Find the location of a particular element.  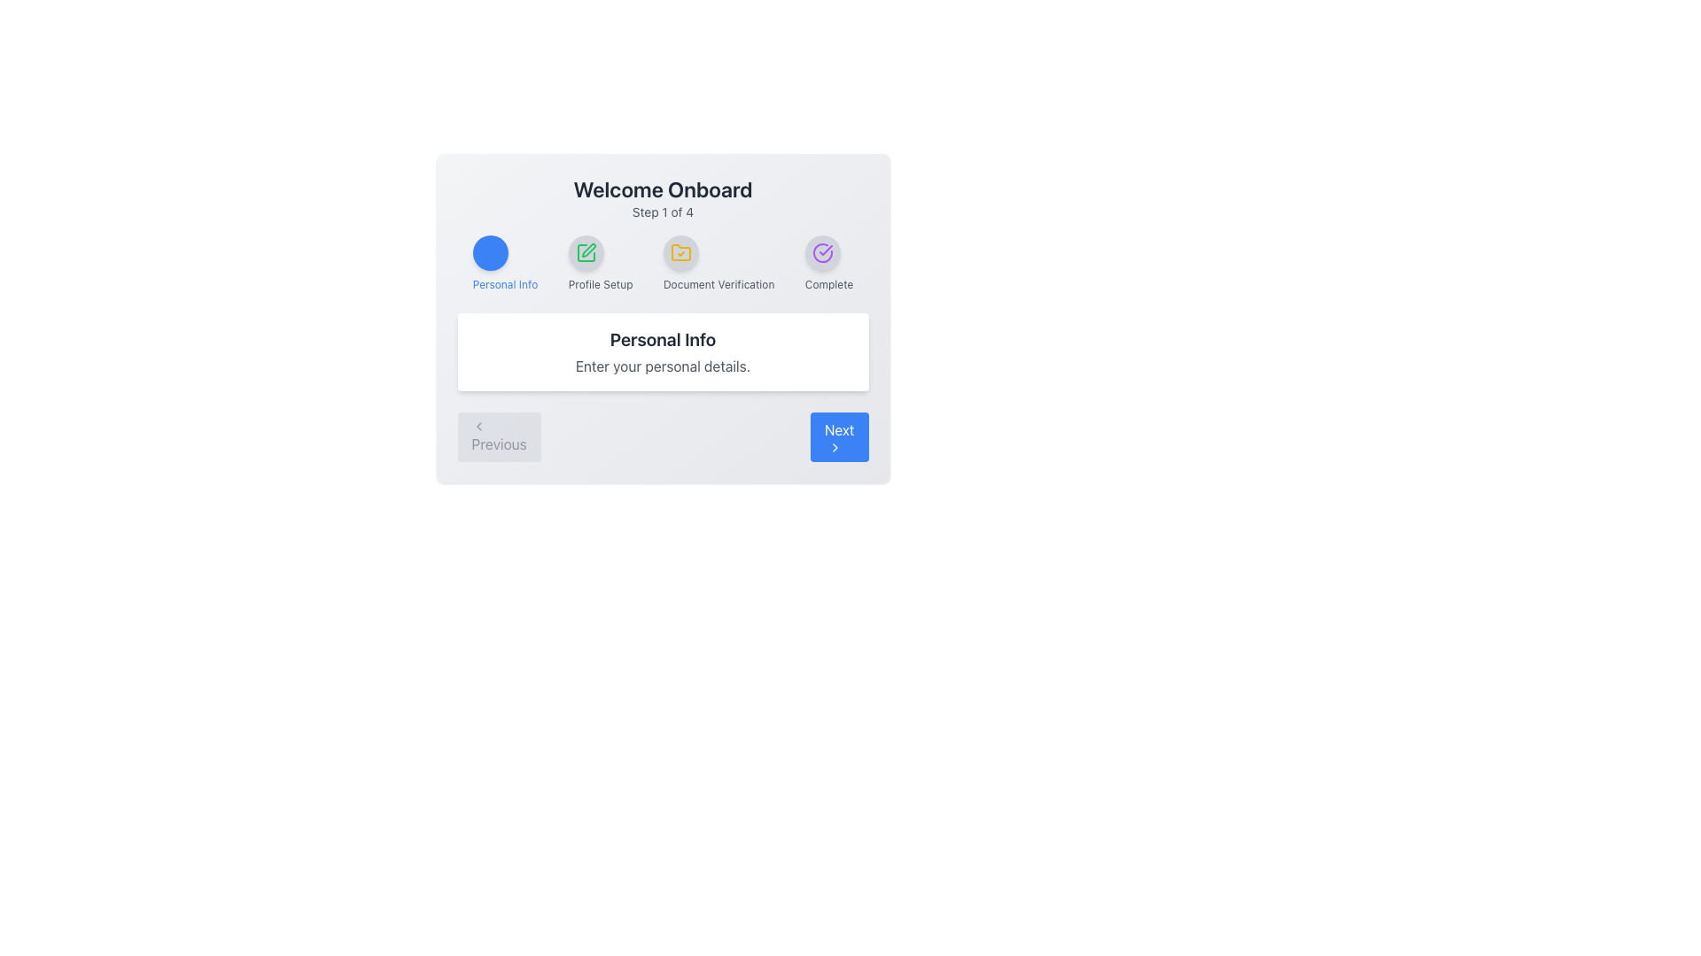

the folder icon outline with a yellow fill located in the progress bar as the third icon from the left is located at coordinates (680, 252).